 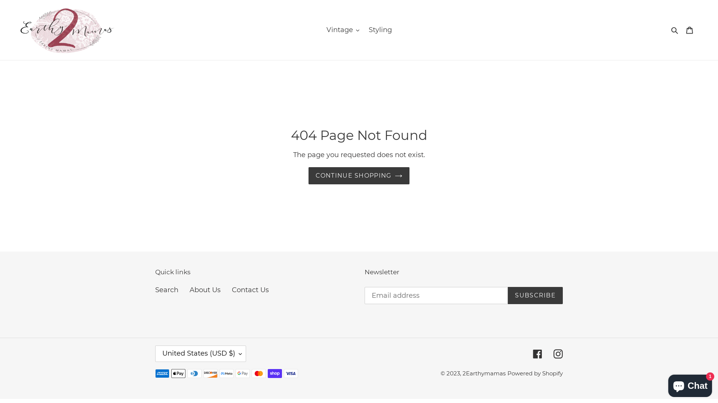 What do you see at coordinates (205, 289) in the screenshot?
I see `'About Us'` at bounding box center [205, 289].